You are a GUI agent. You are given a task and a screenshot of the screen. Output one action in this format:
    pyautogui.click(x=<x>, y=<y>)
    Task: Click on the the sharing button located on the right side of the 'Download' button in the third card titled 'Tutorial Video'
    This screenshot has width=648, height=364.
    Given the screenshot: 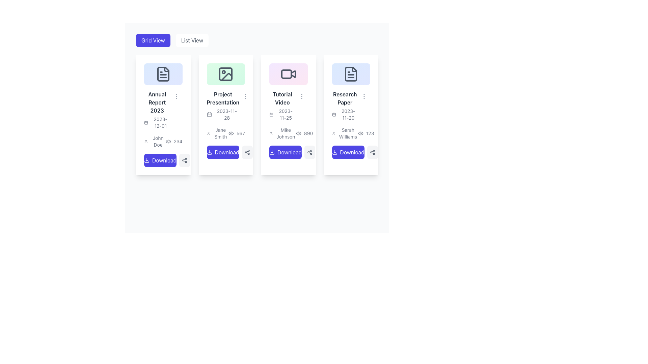 What is the action you would take?
    pyautogui.click(x=309, y=152)
    